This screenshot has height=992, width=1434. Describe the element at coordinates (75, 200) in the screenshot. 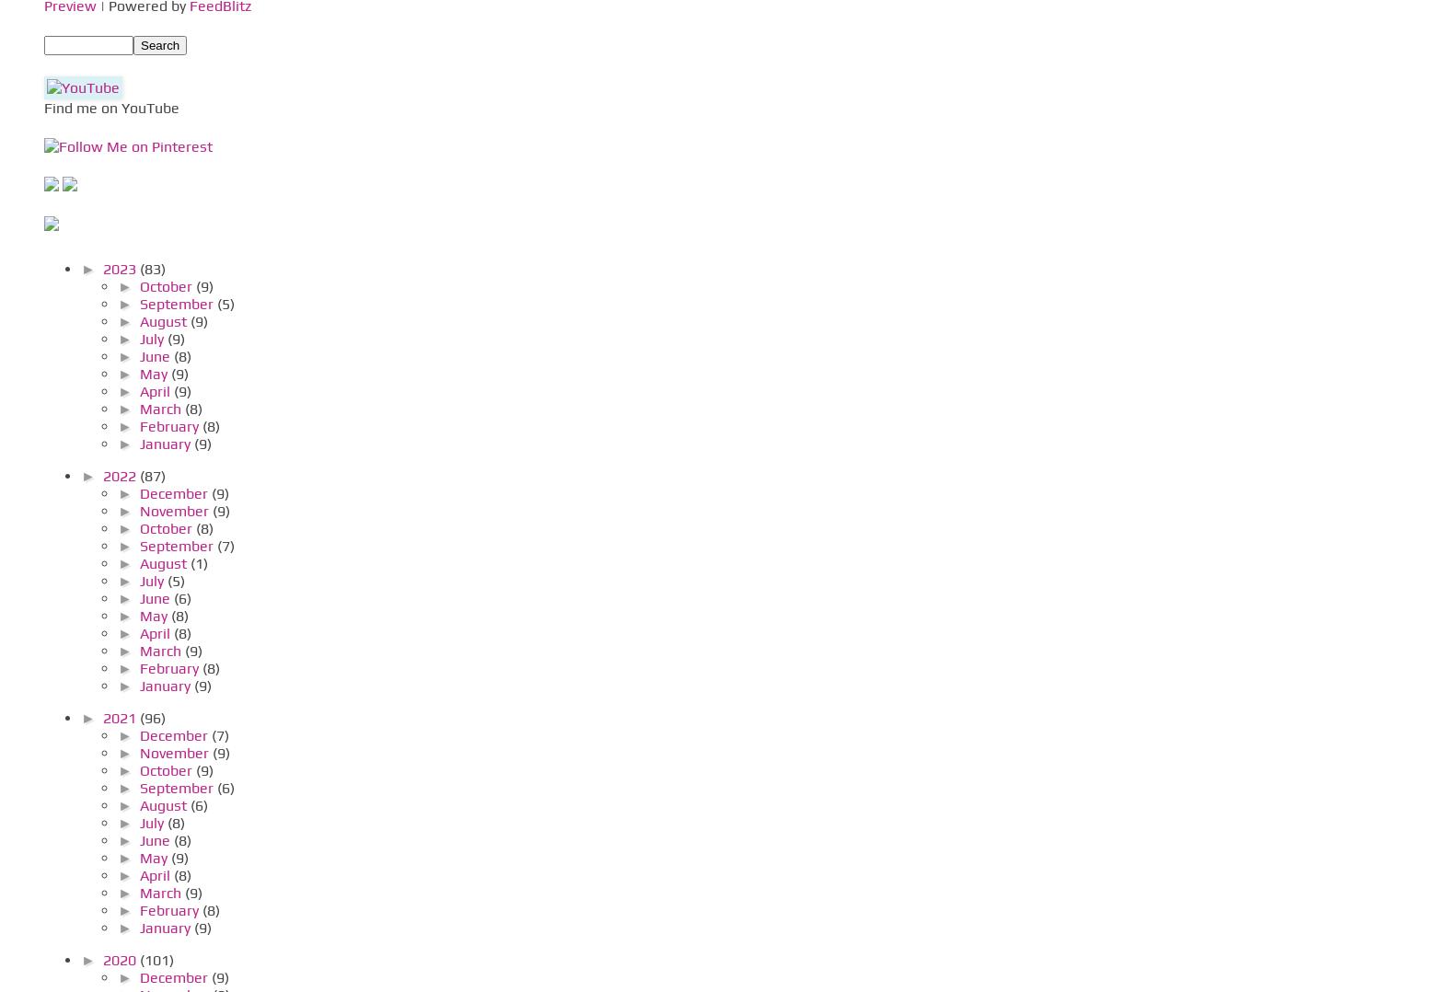

I see `'Contact me'` at that location.